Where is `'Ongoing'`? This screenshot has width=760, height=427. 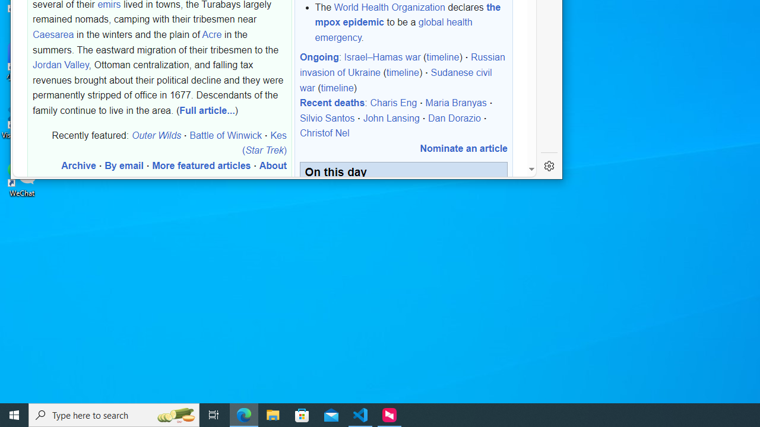 'Ongoing' is located at coordinates (319, 57).